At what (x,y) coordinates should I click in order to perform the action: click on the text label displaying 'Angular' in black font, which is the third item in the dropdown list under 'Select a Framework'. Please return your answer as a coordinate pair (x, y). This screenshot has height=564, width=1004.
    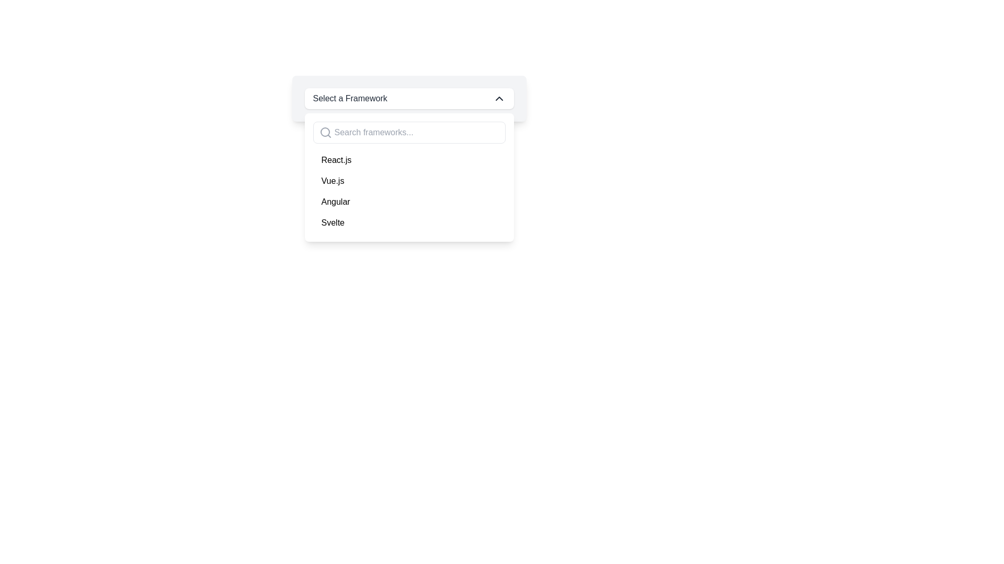
    Looking at the image, I should click on (336, 202).